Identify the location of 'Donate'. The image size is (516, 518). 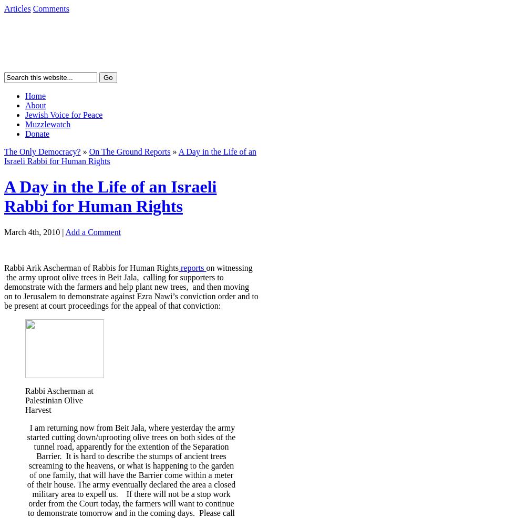
(36, 133).